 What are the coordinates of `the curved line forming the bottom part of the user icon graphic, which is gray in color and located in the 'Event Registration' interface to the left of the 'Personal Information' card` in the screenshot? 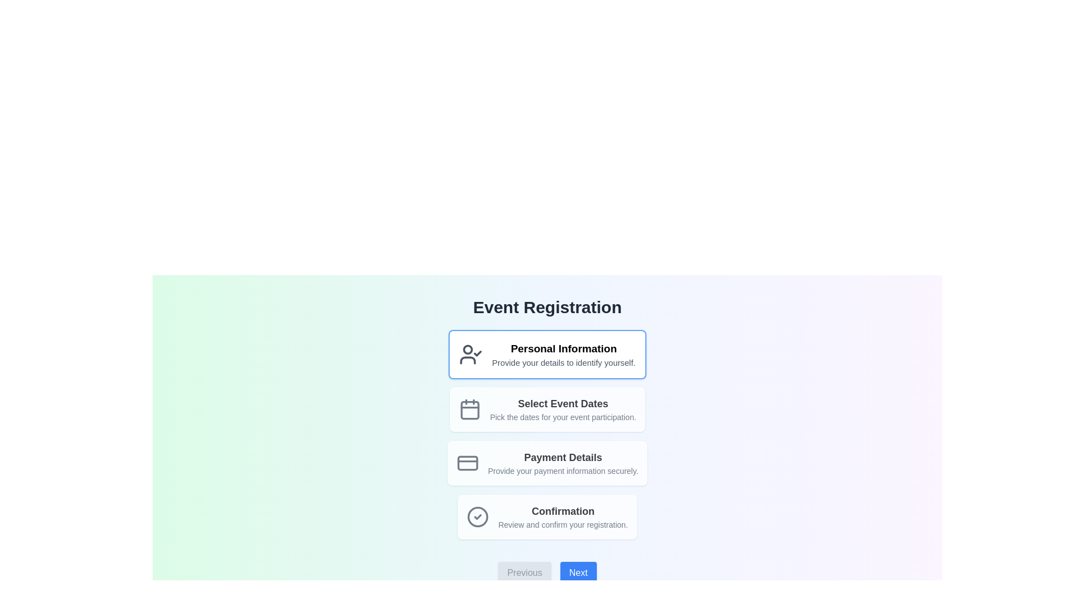 It's located at (468, 360).